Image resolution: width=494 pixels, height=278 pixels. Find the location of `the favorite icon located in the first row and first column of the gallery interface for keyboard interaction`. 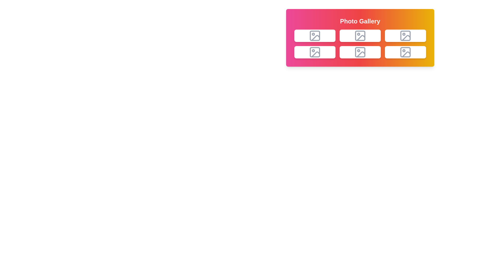

the favorite icon located in the first row and first column of the gallery interface for keyboard interaction is located at coordinates (321, 35).